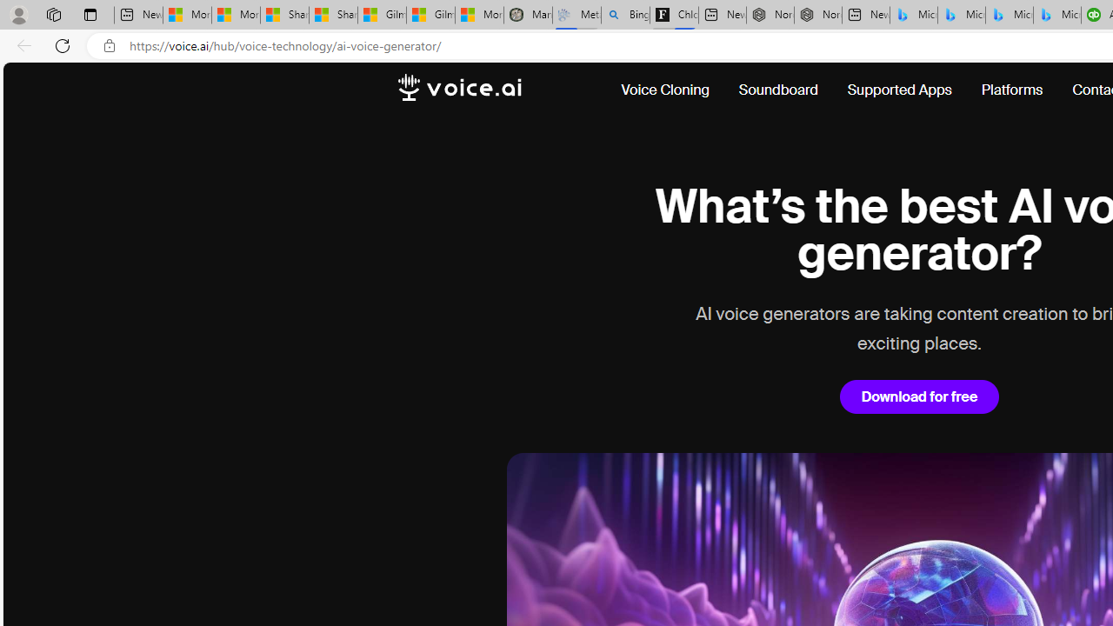  I want to click on 'Gilma and Hector both pose tropical trouble for Hawaii', so click(431, 15).